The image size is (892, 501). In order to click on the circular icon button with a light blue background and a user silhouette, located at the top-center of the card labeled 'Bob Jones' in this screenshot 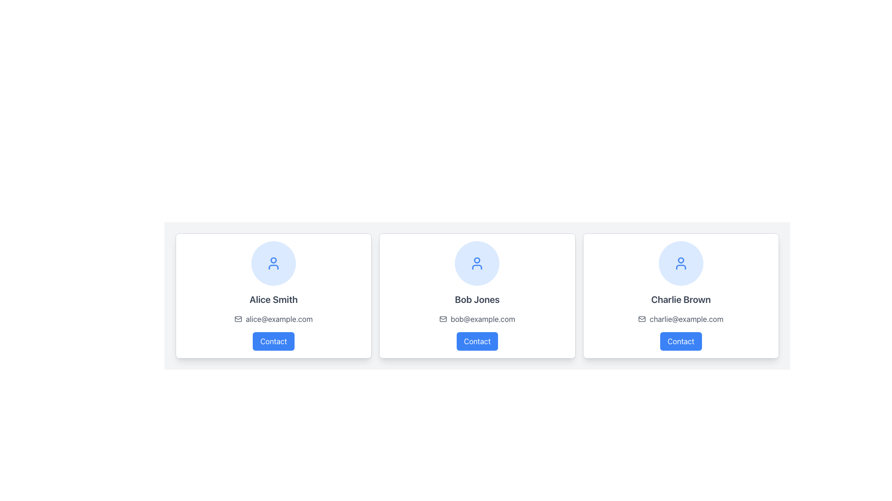, I will do `click(477, 263)`.